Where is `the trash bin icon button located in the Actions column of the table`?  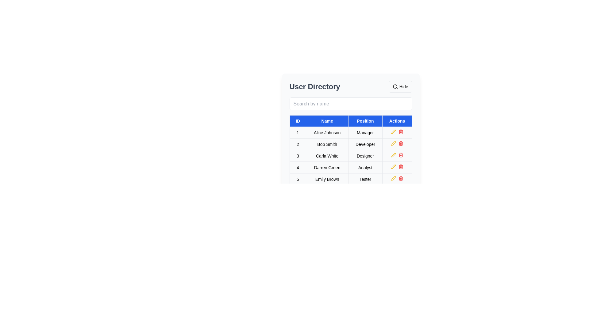
the trash bin icon button located in the Actions column of the table is located at coordinates (401, 132).